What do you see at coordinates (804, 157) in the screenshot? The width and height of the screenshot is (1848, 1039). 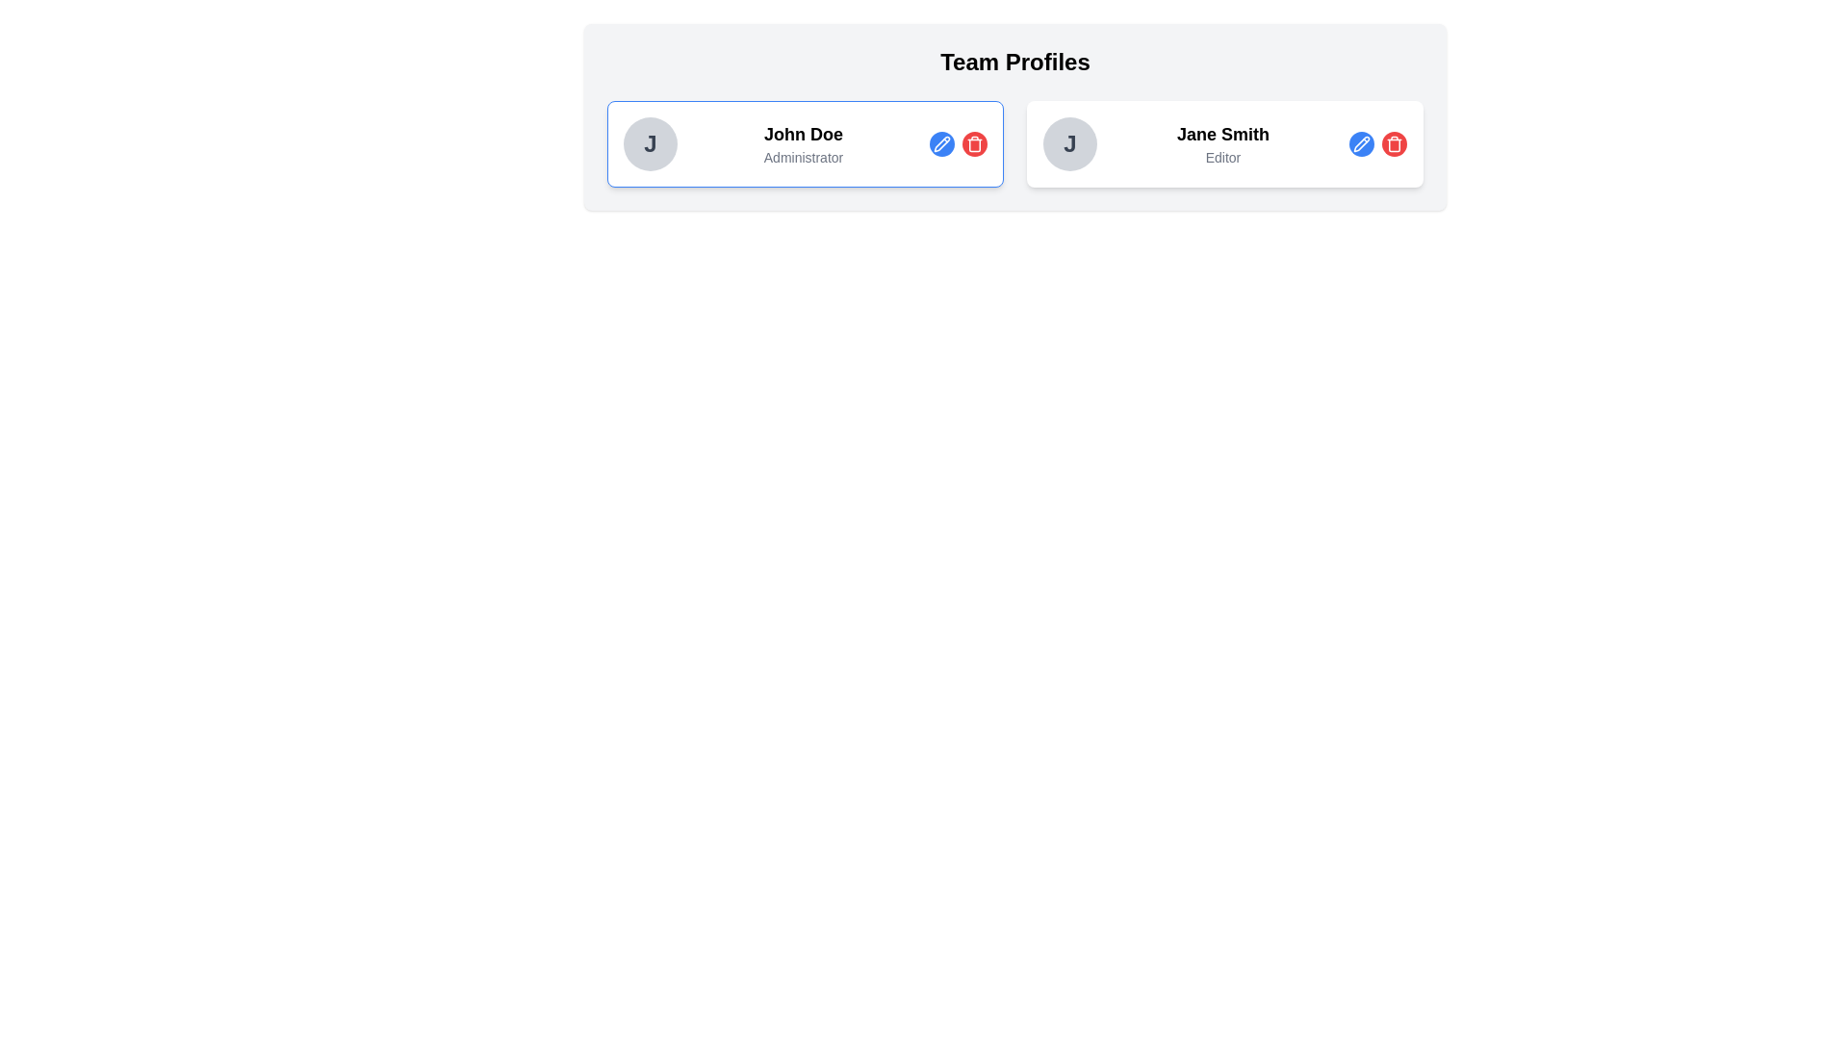 I see `the 'Administrator' text label, which is styled in a small gray font and positioned below 'John Doe' in the first profile card of the 'Team Profiles' section` at bounding box center [804, 157].